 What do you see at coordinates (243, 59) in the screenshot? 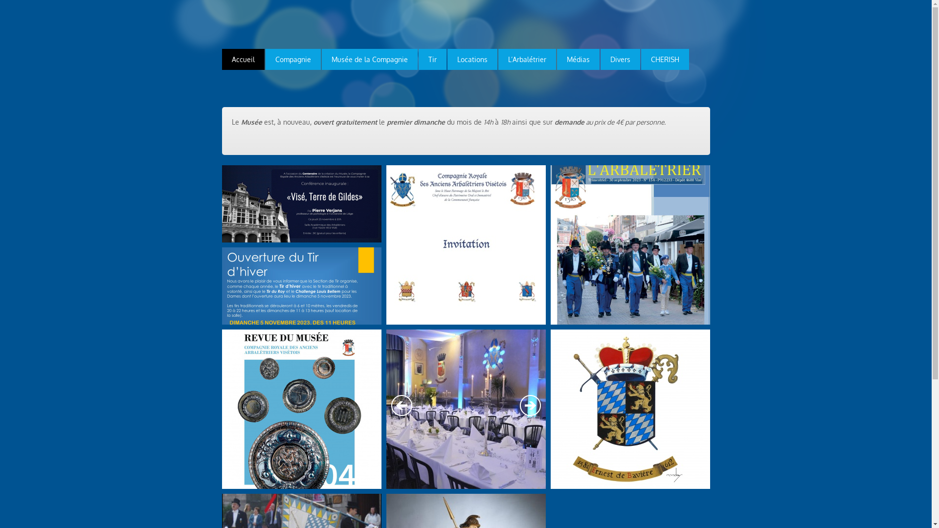
I see `'Accueil'` at bounding box center [243, 59].